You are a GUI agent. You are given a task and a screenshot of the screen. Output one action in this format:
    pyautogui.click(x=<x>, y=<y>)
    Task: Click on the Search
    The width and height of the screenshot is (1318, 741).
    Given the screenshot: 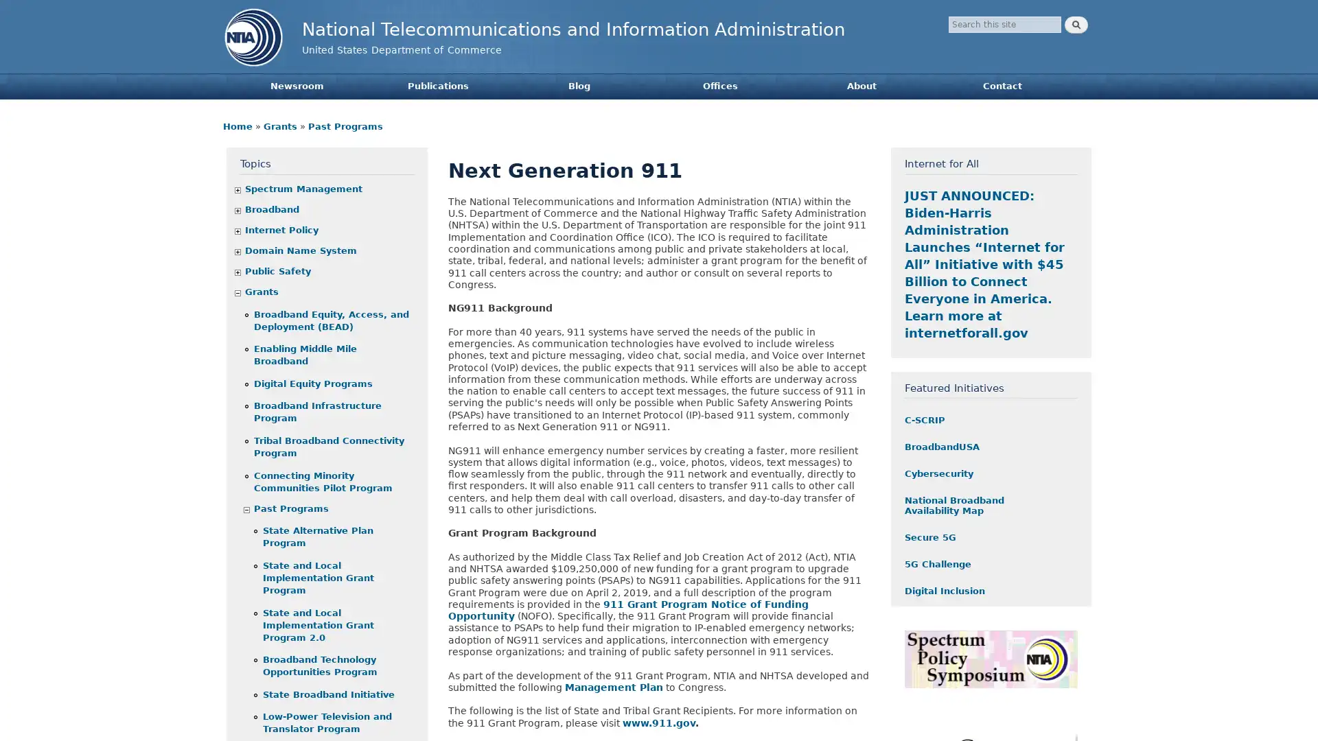 What is the action you would take?
    pyautogui.click(x=1076, y=25)
    